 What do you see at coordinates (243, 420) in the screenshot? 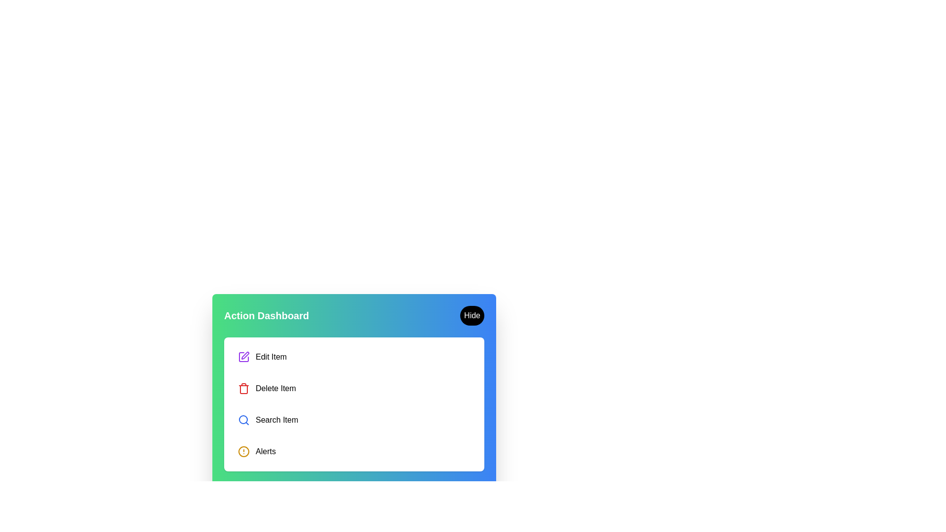
I see `the 'Search Item' icon, which is the first visual item in its row within the Action Dashboard interface` at bounding box center [243, 420].